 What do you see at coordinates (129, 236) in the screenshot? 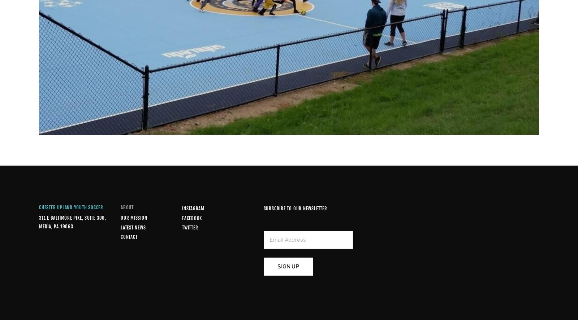
I see `'Contact'` at bounding box center [129, 236].